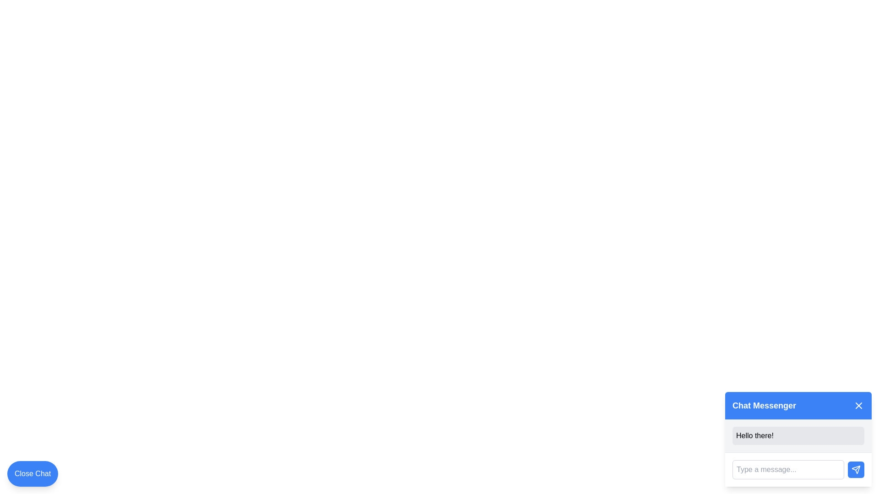 This screenshot has width=879, height=494. Describe the element at coordinates (33, 473) in the screenshot. I see `the rounded blue 'Close Chat' button located at the bottom-left corner of the application interface` at that location.